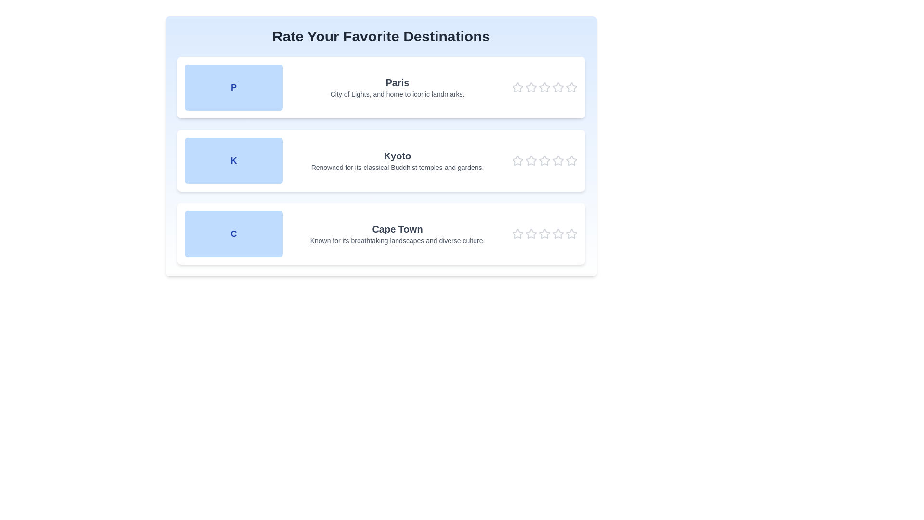 The height and width of the screenshot is (520, 924). Describe the element at coordinates (397, 82) in the screenshot. I see `the text label that serves as the title for the section describing Paris, positioned above the text 'City of Lights, and home to iconic landmarks.'` at that location.